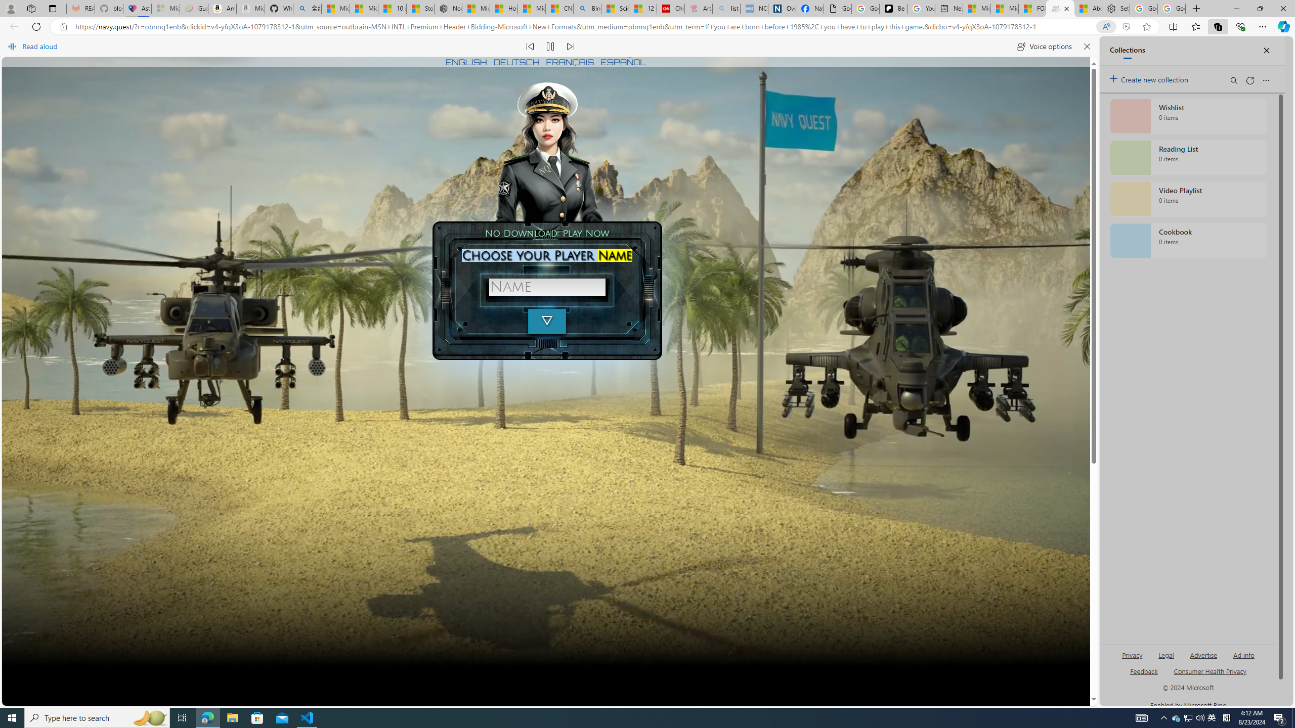 This screenshot has width=1295, height=728. I want to click on 'Read previous paragraph', so click(530, 46).